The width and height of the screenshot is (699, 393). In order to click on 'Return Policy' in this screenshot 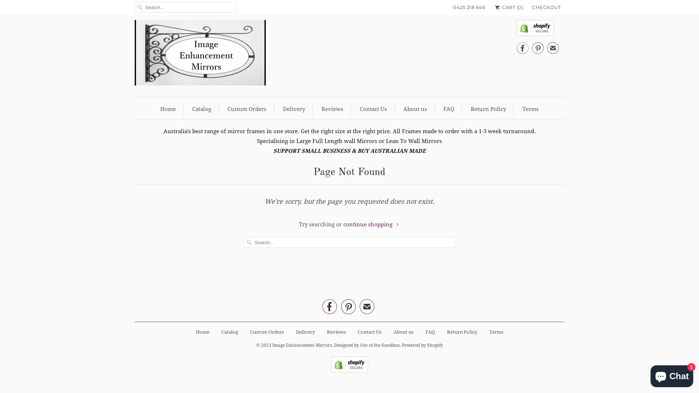, I will do `click(488, 109)`.